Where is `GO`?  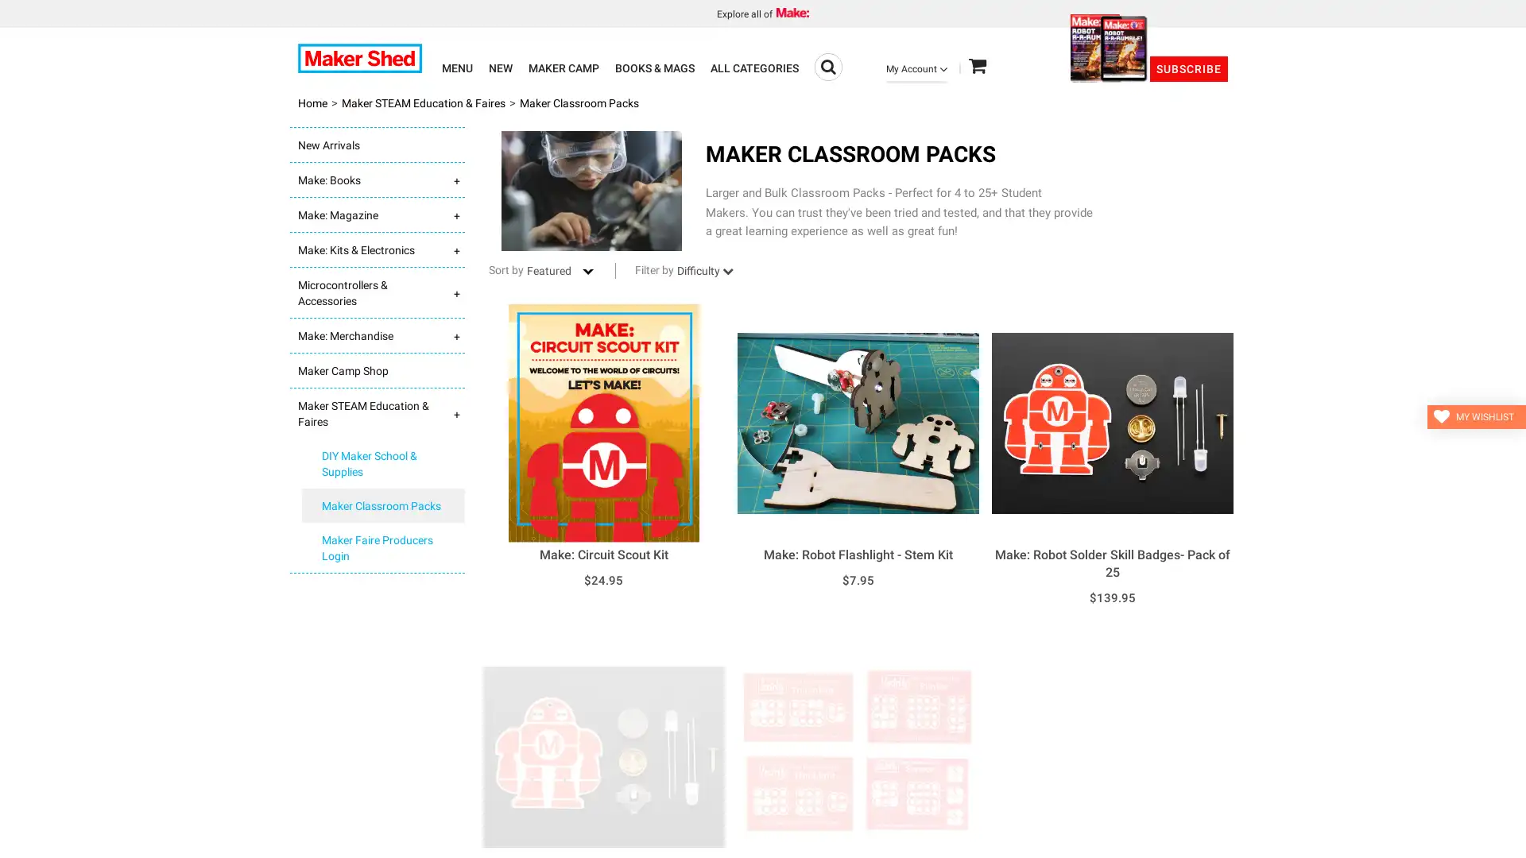
GO is located at coordinates (827, 66).